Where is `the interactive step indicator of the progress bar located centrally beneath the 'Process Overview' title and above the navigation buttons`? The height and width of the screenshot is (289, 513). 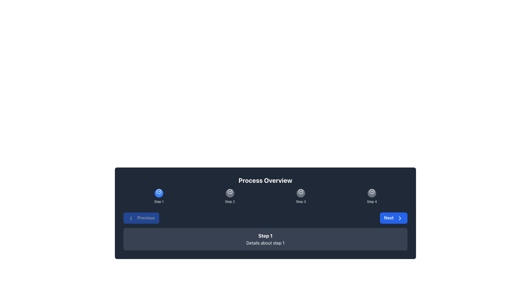
the interactive step indicator of the progress bar located centrally beneath the 'Process Overview' title and above the navigation buttons is located at coordinates (265, 196).